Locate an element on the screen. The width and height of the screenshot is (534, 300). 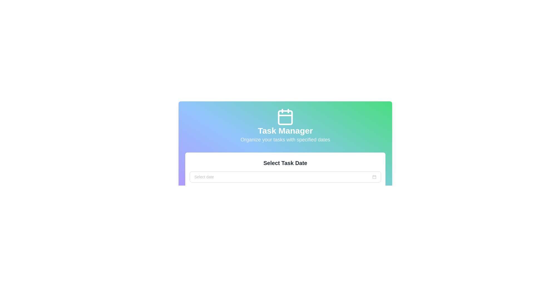
the rectangular icon component located in the lower-central area of the calendar icon, which has rounded corners and blends with the calendar's color scheme is located at coordinates (285, 117).